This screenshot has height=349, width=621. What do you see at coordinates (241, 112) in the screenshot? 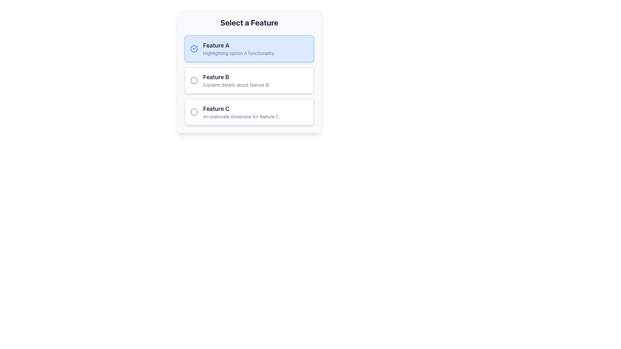
I see `text from the two-line text component labeled 'Feature C' which is located in the third option card from the top in a vertical list of selectable feature cards` at bounding box center [241, 112].